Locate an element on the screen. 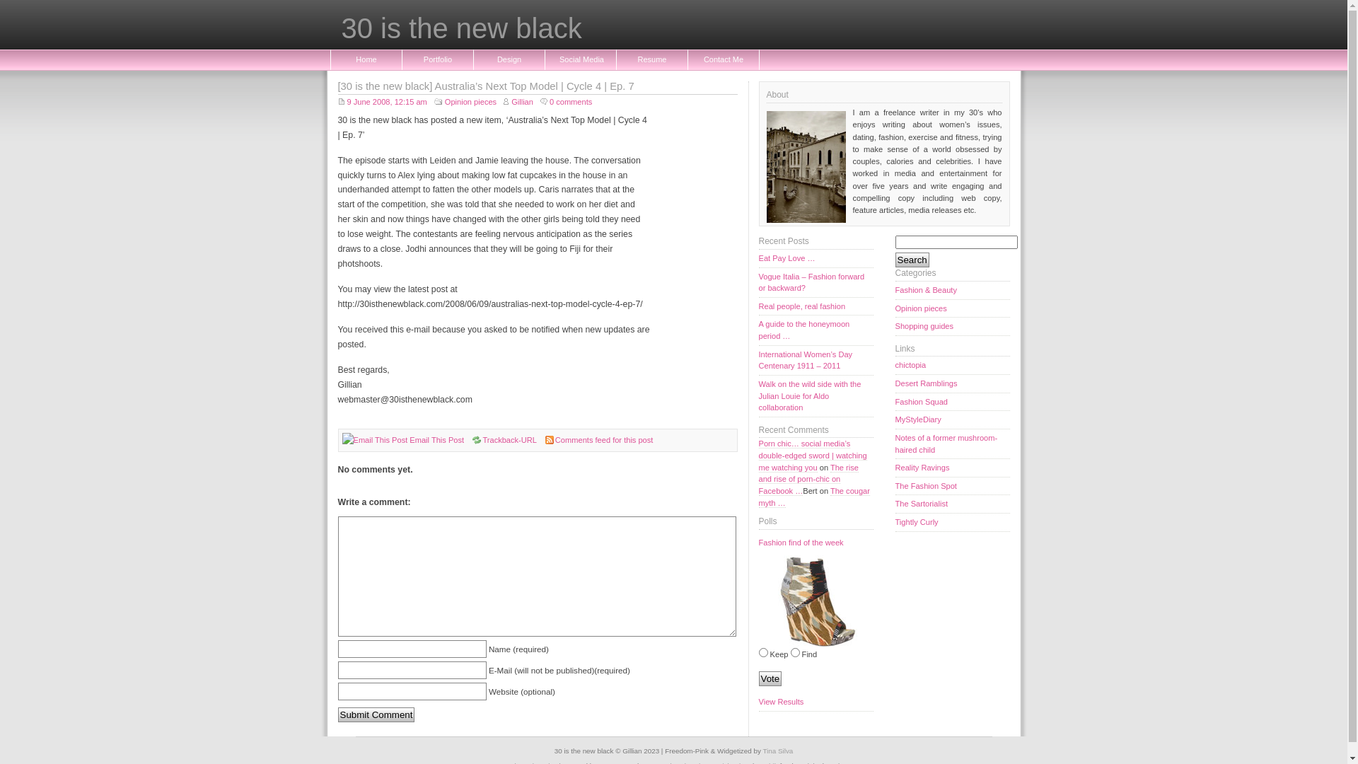 The image size is (1358, 764). 'Real people, real fashion' is located at coordinates (815, 306).